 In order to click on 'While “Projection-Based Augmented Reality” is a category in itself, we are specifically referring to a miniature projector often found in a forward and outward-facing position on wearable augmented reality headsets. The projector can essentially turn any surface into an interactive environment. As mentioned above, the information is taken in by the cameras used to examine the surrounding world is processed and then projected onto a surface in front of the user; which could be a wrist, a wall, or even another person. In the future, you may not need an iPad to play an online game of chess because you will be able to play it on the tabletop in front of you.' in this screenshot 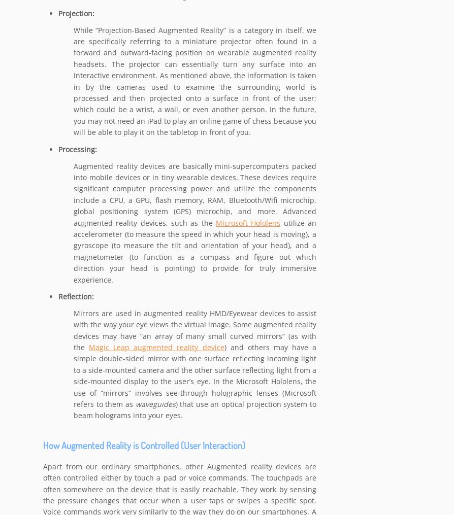, I will do `click(194, 81)`.